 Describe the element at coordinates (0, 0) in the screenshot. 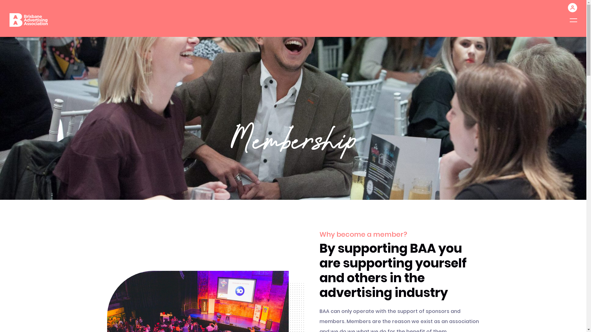

I see `'Skip to content'` at that location.